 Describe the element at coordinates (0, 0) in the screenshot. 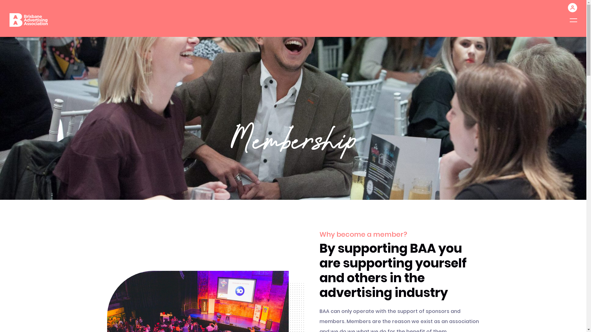

I see `'Skip to content'` at that location.